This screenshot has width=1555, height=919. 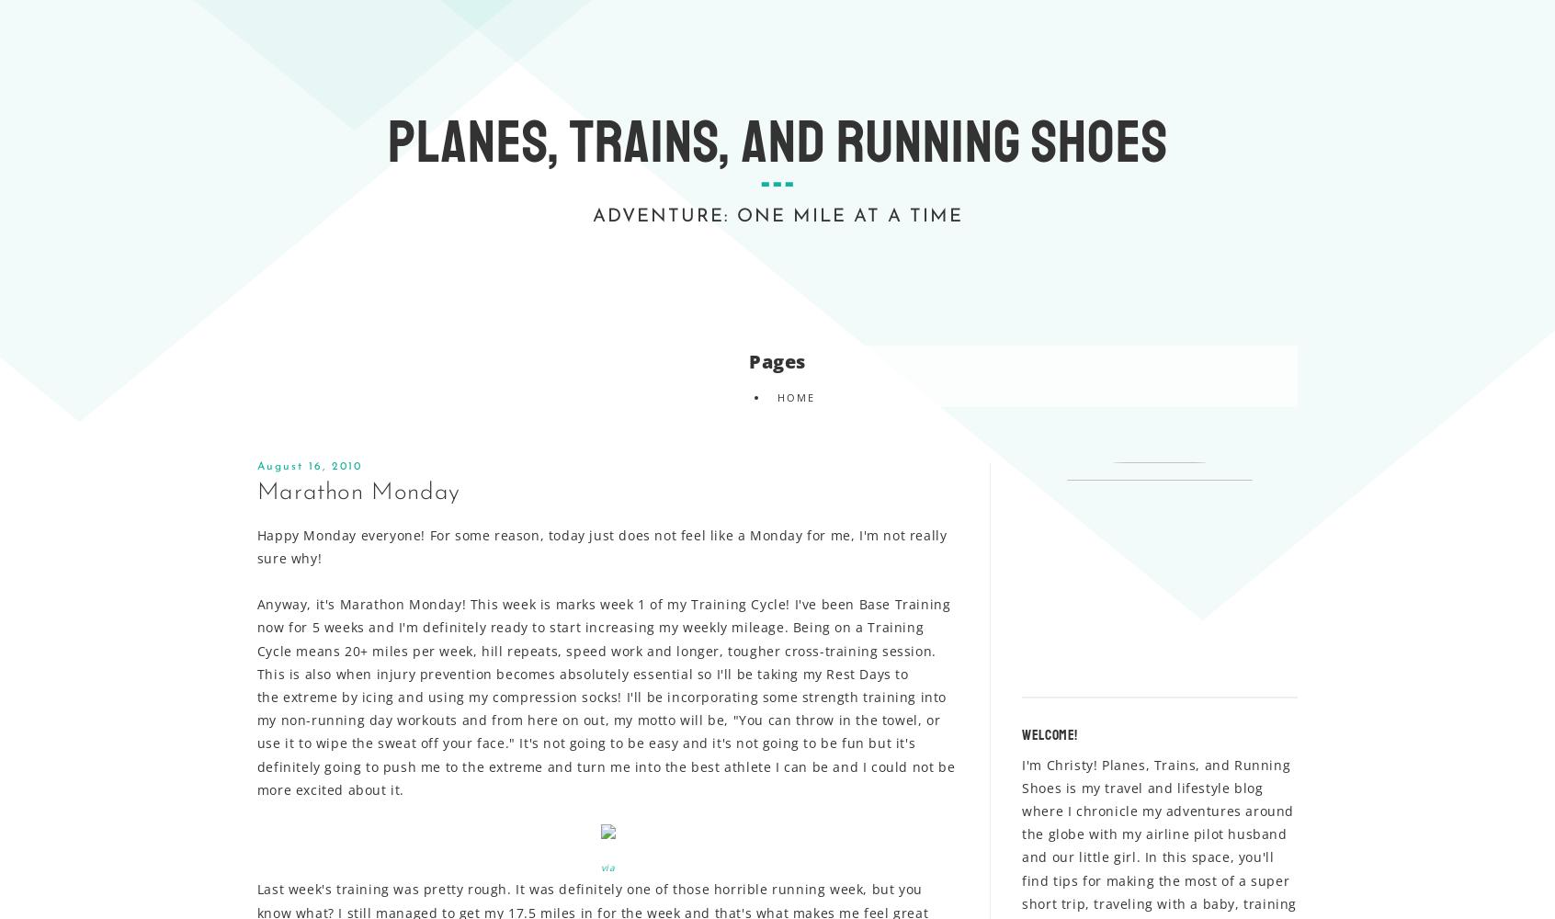 I want to click on 'Anyway, it's Marathon Monday! This week is marks week 1 of my Training Cycle! I've been Base Training now for 5 weeks and I'm definitely ready to start increasing my weekly mileage. Being on a Training Cycle means 20+ miles per week, hill repeats, speed work and longer, tougher cross-training session. This is also when injury prevention becomes absolutely essential so I'll be taking my Rest Days to the extreme by icing and using my compression socks! I'll be incorporating some strength training into my non-running day workouts and from here on out, my motto will be, "You can throw in the towel, or use it to wipe the sweat off your face." It's not going to be easy and it's not going to be fun but it's definitely going to push me to the extreme and turn me into the best athlete I can be and I could not be more excited about it.', so click(x=606, y=697).